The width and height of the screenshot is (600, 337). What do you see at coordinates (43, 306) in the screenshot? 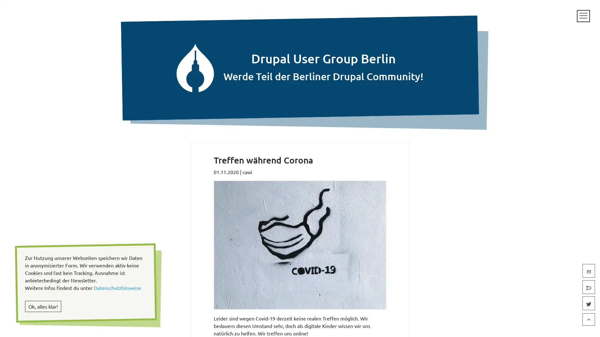
I see `Ok, alles klar!` at bounding box center [43, 306].